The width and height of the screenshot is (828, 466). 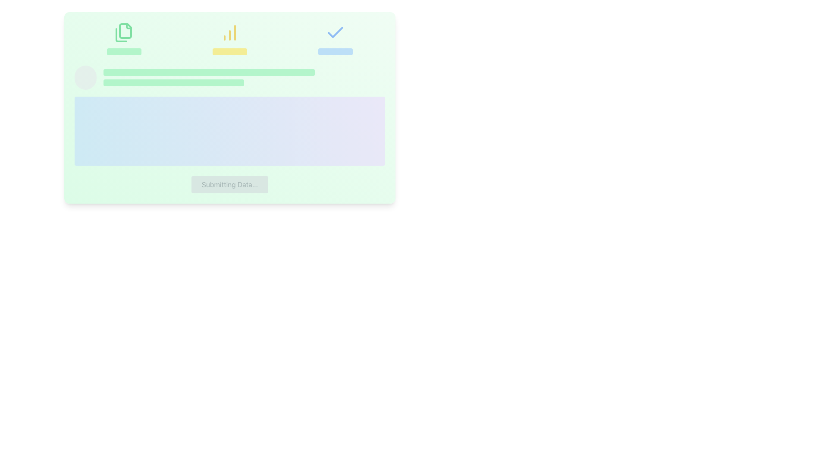 I want to click on the checkmark icon in the upper-right section of the interface, which indicates success or validation, so click(x=335, y=31).